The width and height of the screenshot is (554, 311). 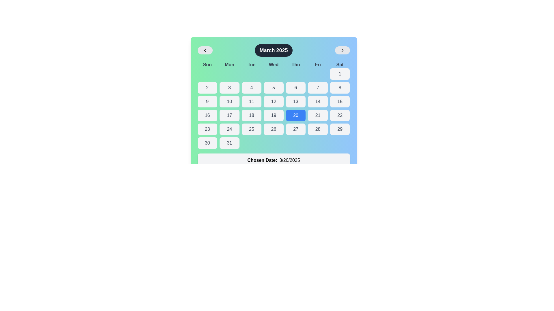 I want to click on the selectable day button representing the 15th of March 2025, so click(x=340, y=101).